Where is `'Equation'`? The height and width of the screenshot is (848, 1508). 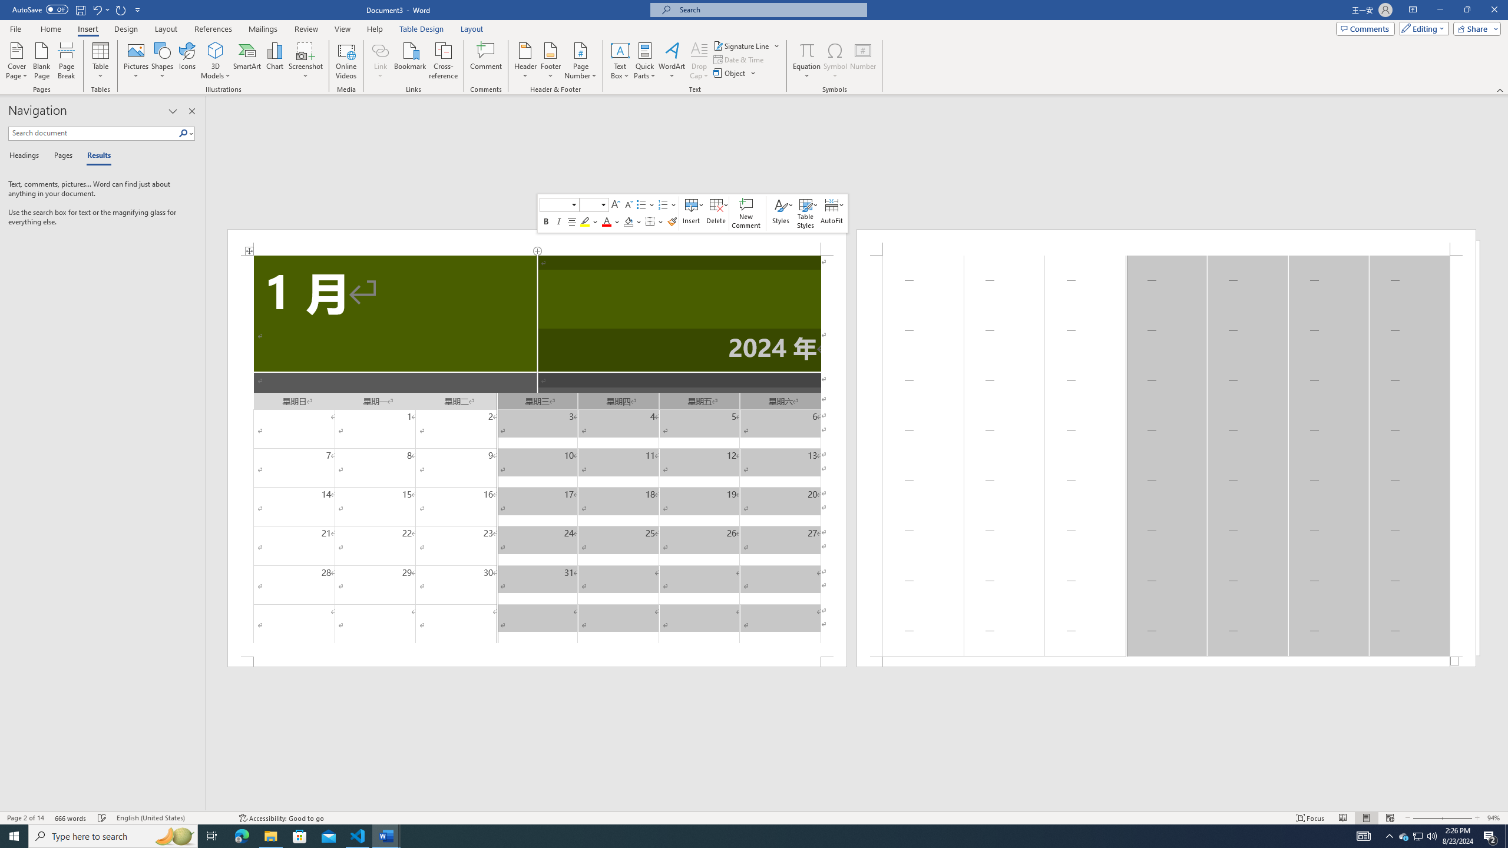 'Equation' is located at coordinates (806, 49).